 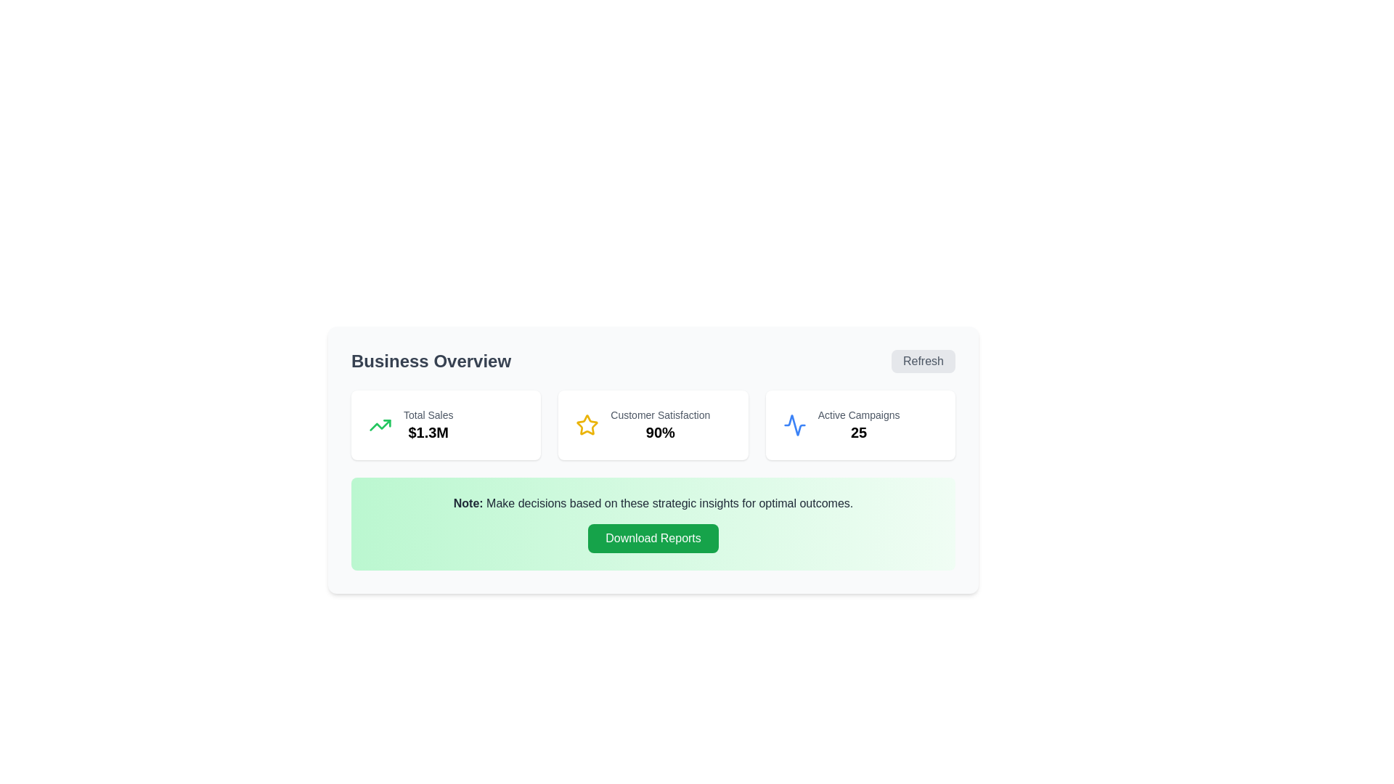 What do you see at coordinates (587, 425) in the screenshot?
I see `the star-shaped icon with a yellow border located to the left of the text 'Customer Satisfaction'` at bounding box center [587, 425].